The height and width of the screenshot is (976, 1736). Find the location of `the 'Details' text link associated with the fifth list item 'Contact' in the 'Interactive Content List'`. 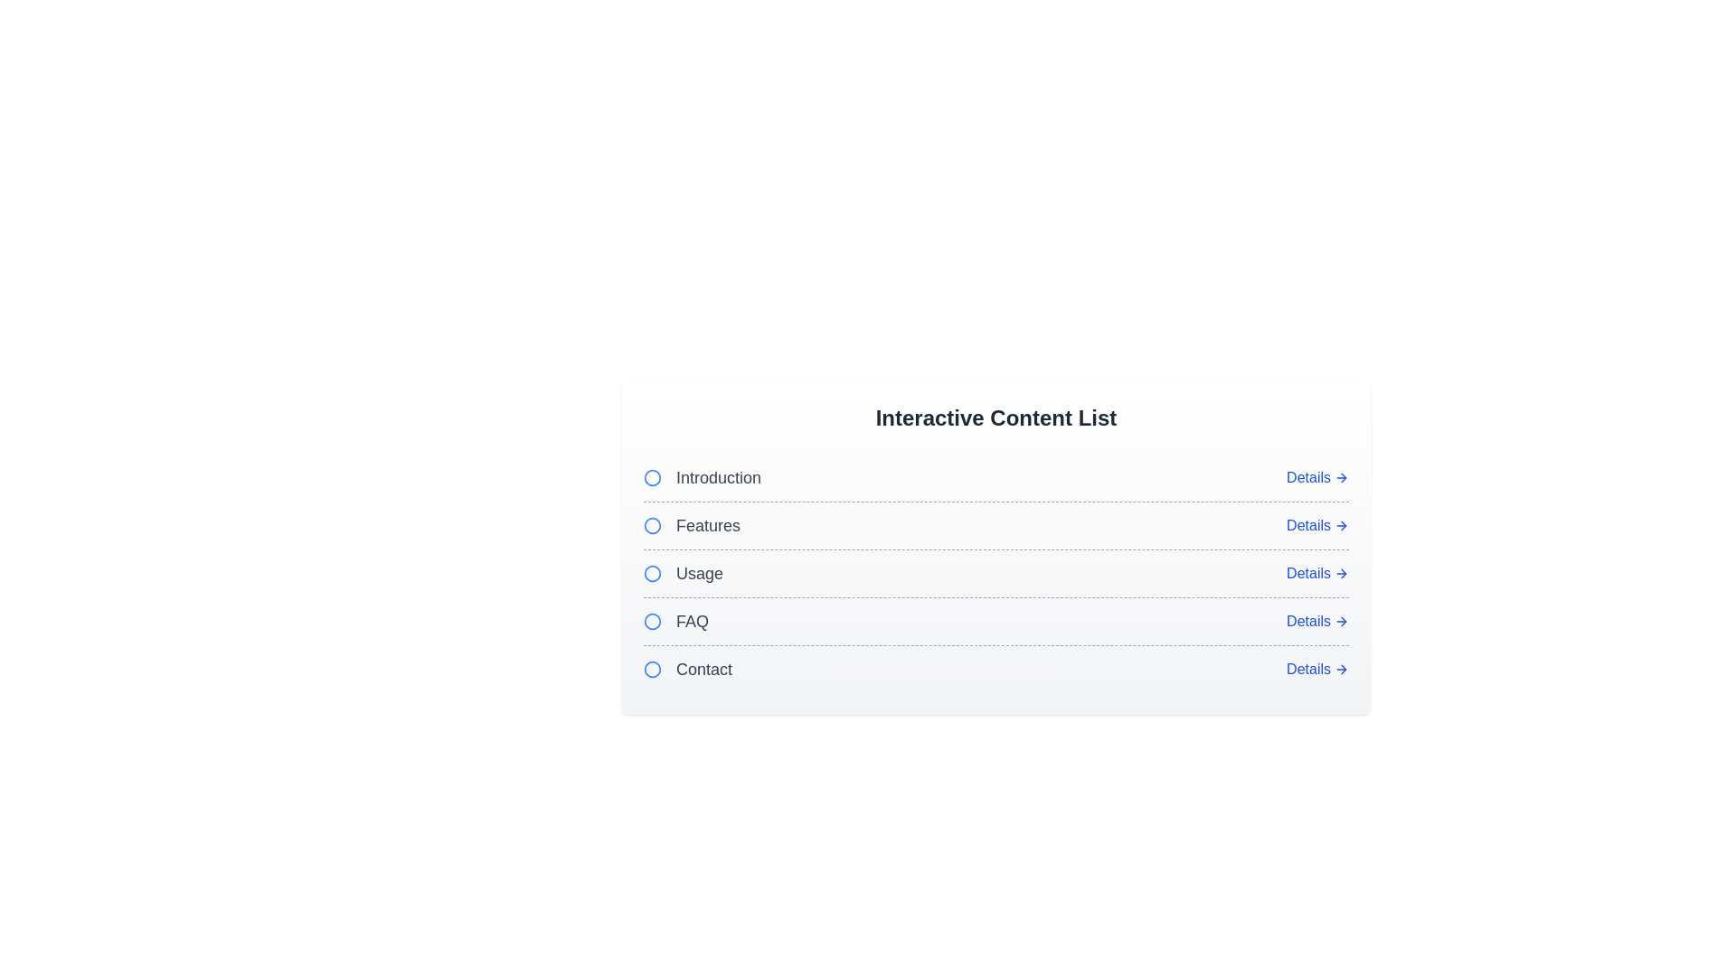

the 'Details' text link associated with the fifth list item 'Contact' in the 'Interactive Content List' is located at coordinates (1308, 620).